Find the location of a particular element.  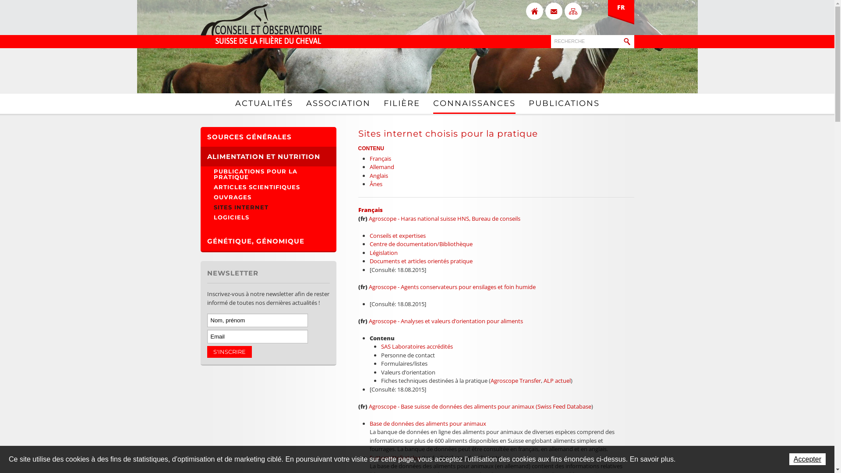

'PUBLICATIONS POUR LA PRATIQUE' is located at coordinates (268, 174).